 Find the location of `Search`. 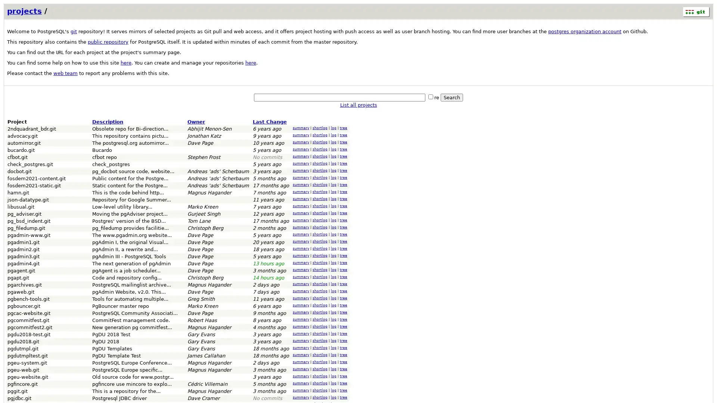

Search is located at coordinates (451, 97).